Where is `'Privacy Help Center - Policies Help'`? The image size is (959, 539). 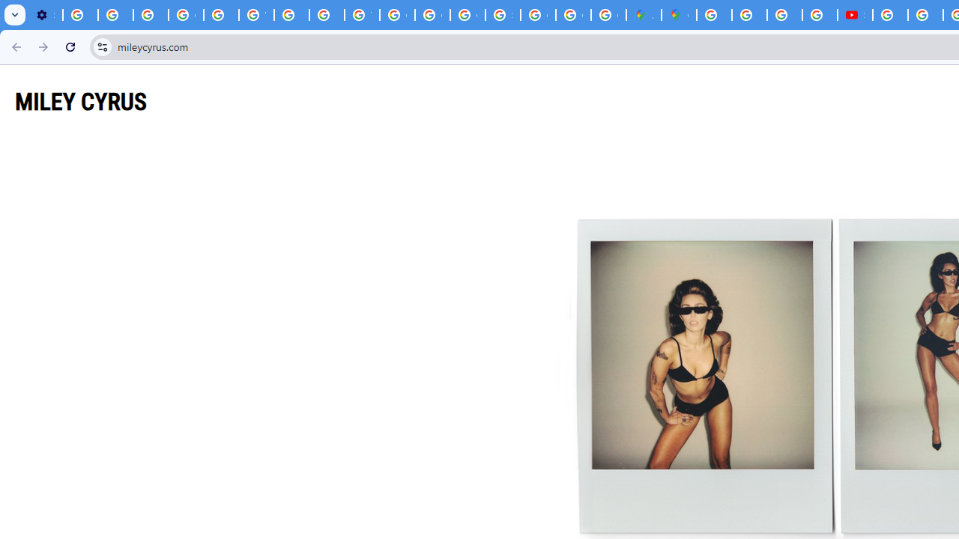
'Privacy Help Center - Policies Help' is located at coordinates (220, 15).